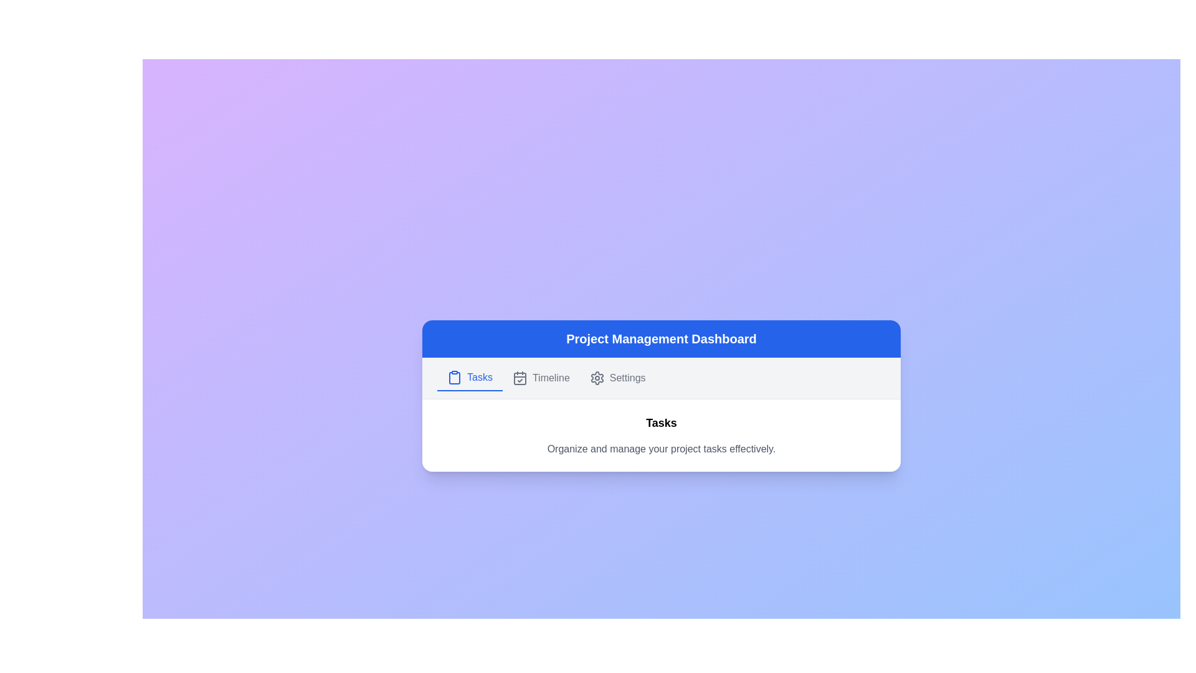 The width and height of the screenshot is (1196, 673). Describe the element at coordinates (468, 376) in the screenshot. I see `the Tasks tab by clicking on its label` at that location.